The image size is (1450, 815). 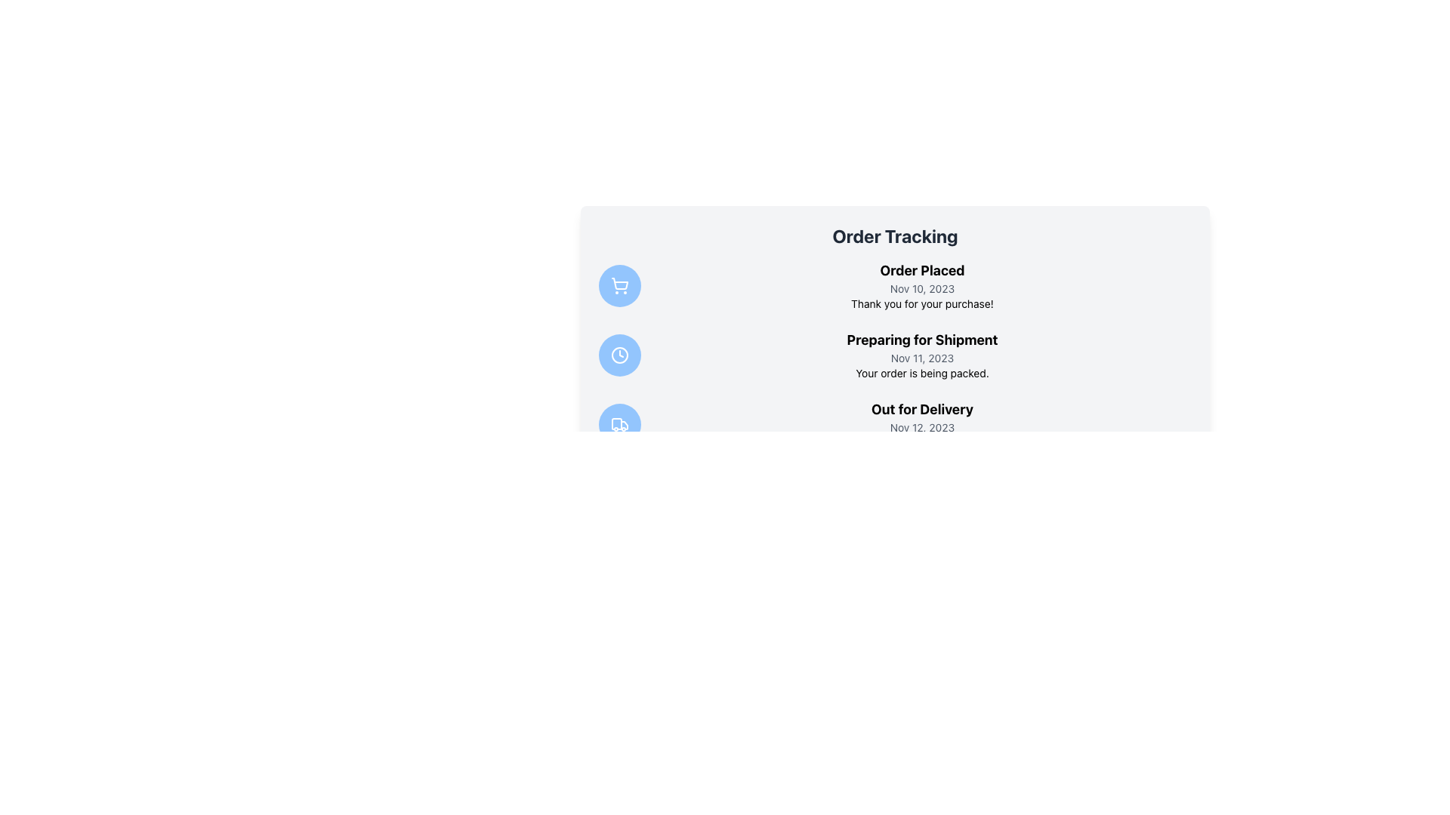 I want to click on the informational block displaying 'Preparing for Shipment' with a clock icon on the left, located in the order tracking section, so click(x=895, y=355).